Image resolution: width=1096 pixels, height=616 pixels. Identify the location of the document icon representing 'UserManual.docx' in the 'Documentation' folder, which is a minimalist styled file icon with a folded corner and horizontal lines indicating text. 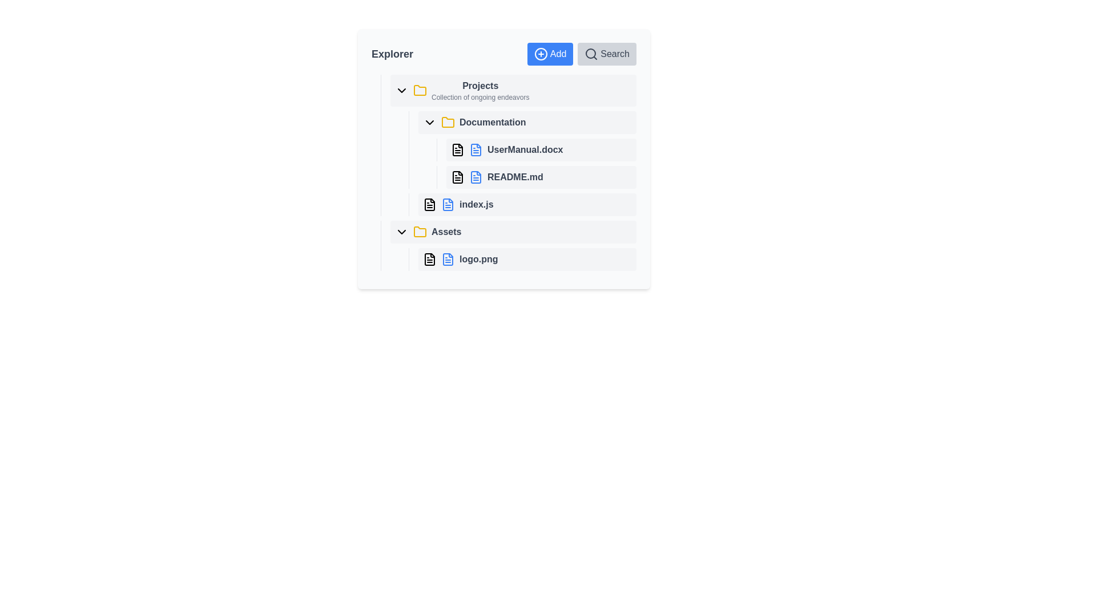
(457, 149).